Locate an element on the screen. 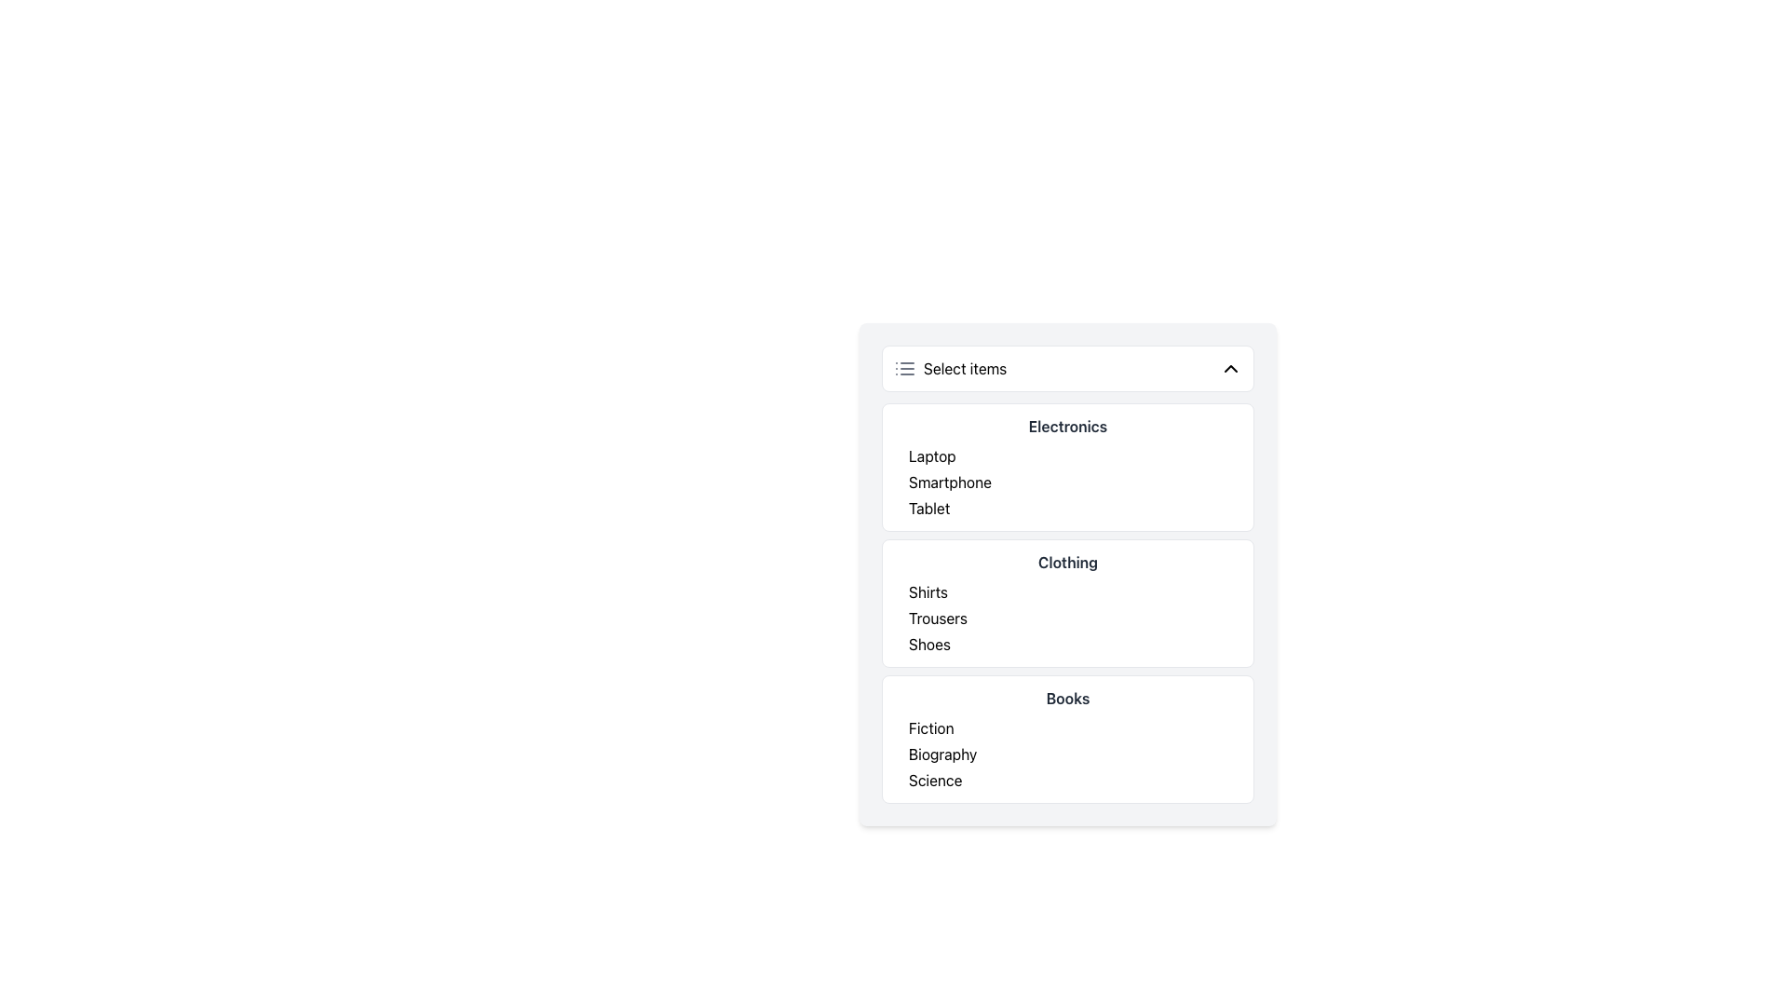 The width and height of the screenshot is (1788, 1006). the 'Shoes' text label, which is a bold, black font element located in the 'Clothing' section, for certain interactions is located at coordinates (1076, 643).